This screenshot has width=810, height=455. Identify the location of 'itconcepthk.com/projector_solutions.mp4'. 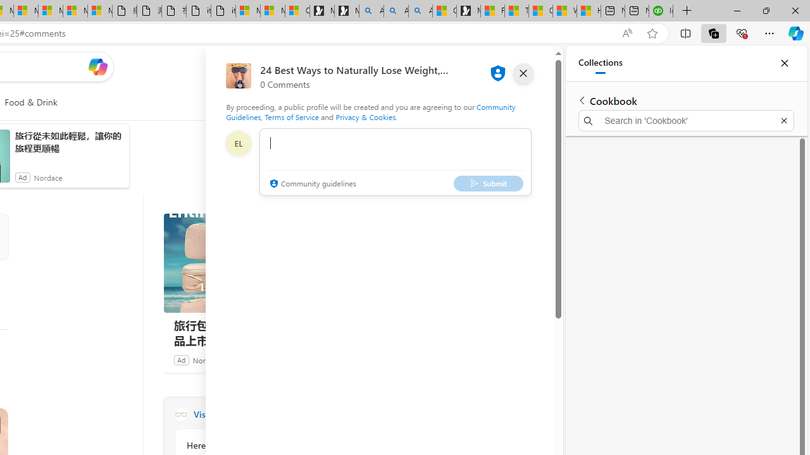
(223, 11).